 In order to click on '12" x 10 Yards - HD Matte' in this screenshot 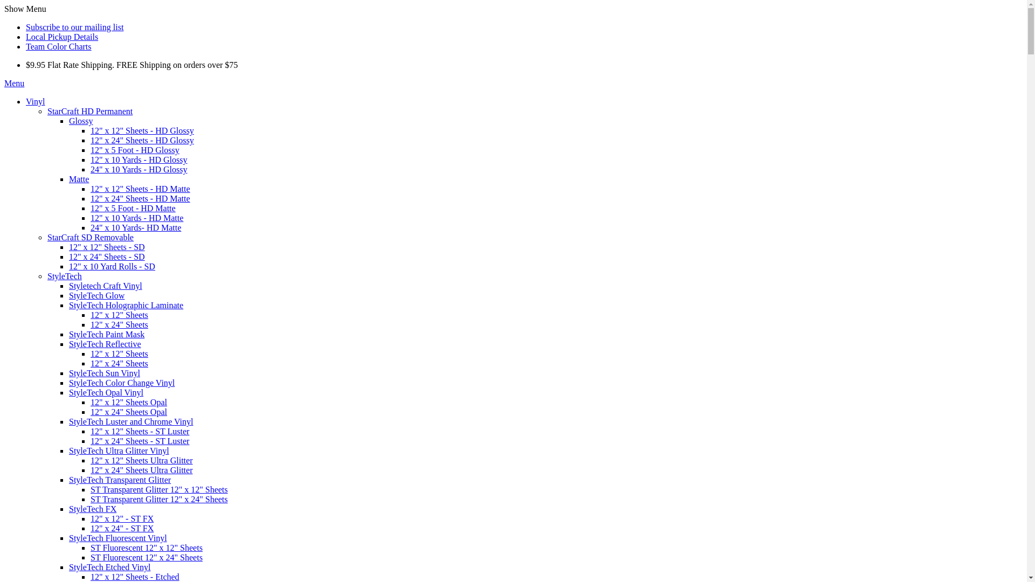, I will do `click(136, 218)`.